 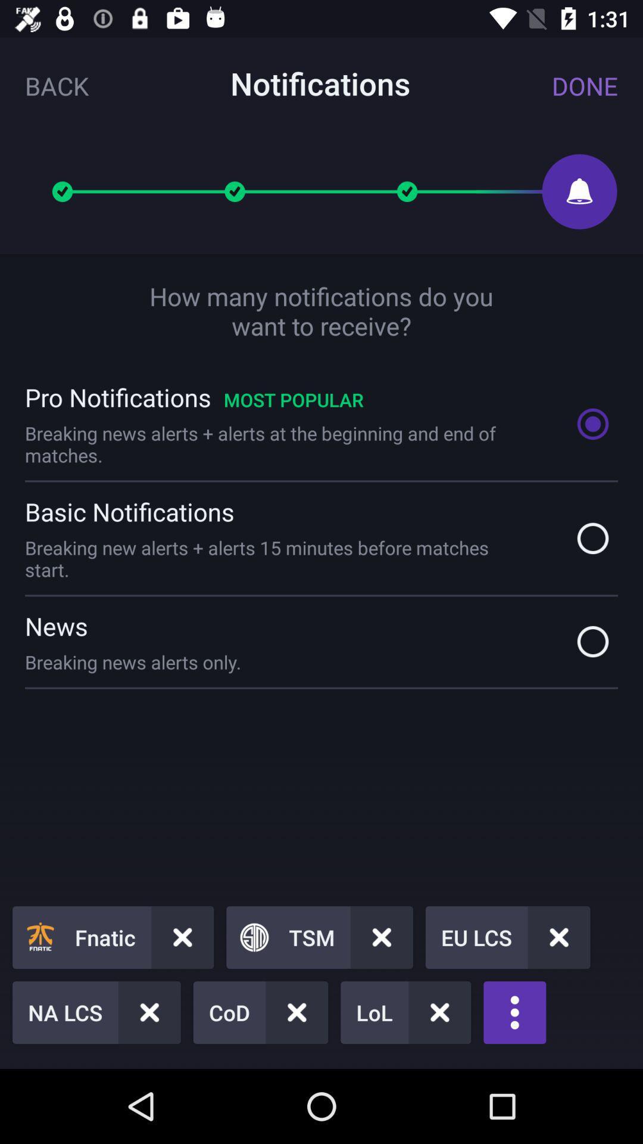 What do you see at coordinates (40, 937) in the screenshot?
I see `the fnatic icon` at bounding box center [40, 937].